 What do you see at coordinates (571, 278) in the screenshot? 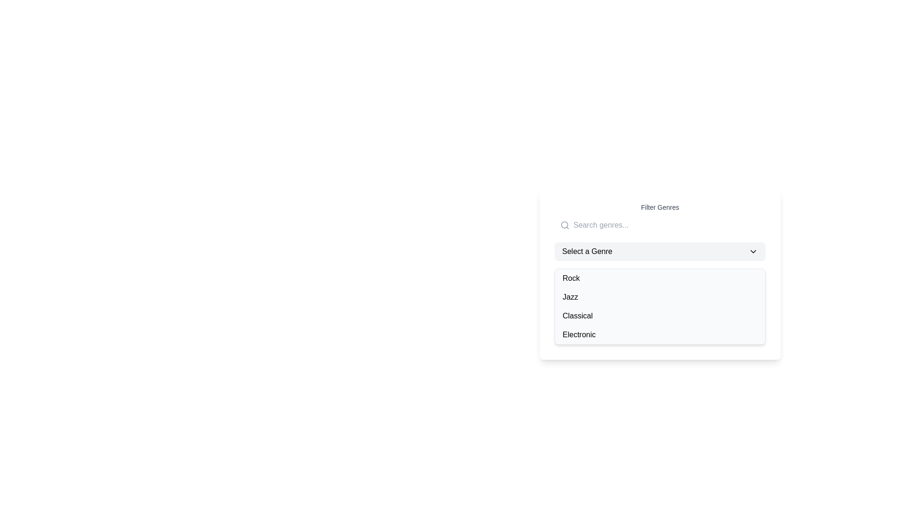
I see `the text label 'Rock' which is the first item in the selectable list below the title 'Select a Genre'` at bounding box center [571, 278].